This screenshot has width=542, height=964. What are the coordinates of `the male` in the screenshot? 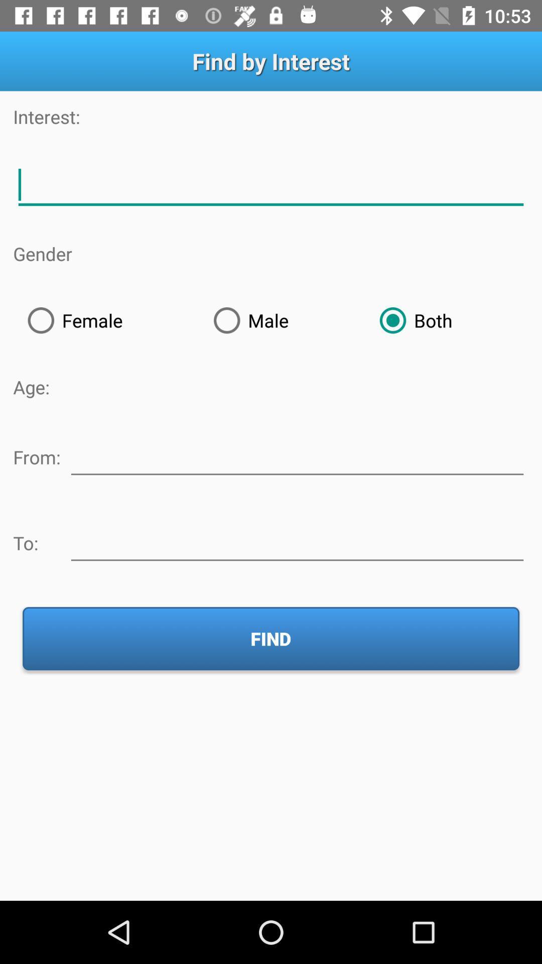 It's located at (282, 320).